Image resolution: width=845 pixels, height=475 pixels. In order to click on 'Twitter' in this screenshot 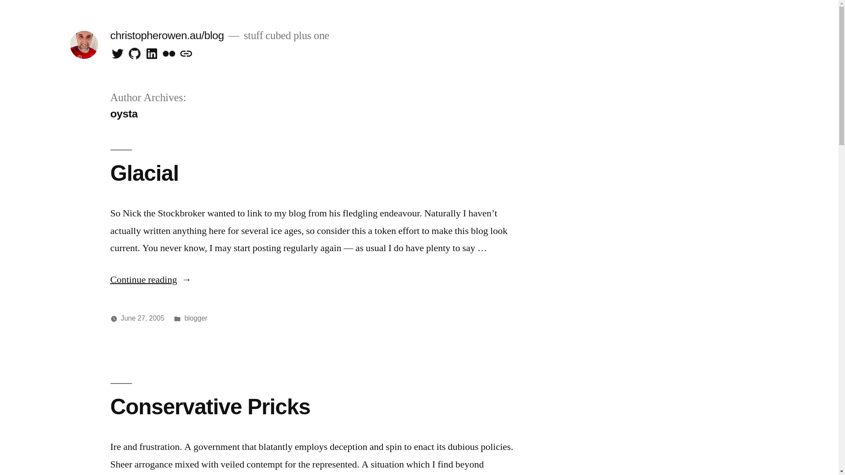, I will do `click(109, 54)`.